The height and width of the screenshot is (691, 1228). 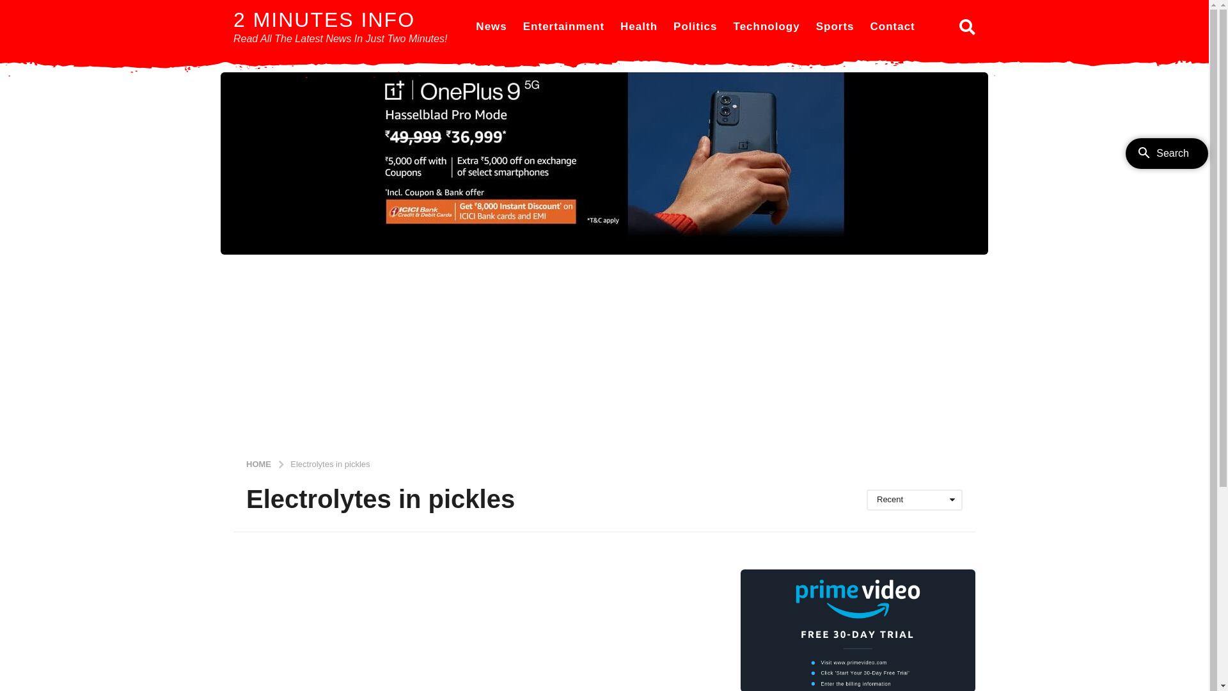 I want to click on 'Electrolytes in pickles', so click(x=329, y=463).